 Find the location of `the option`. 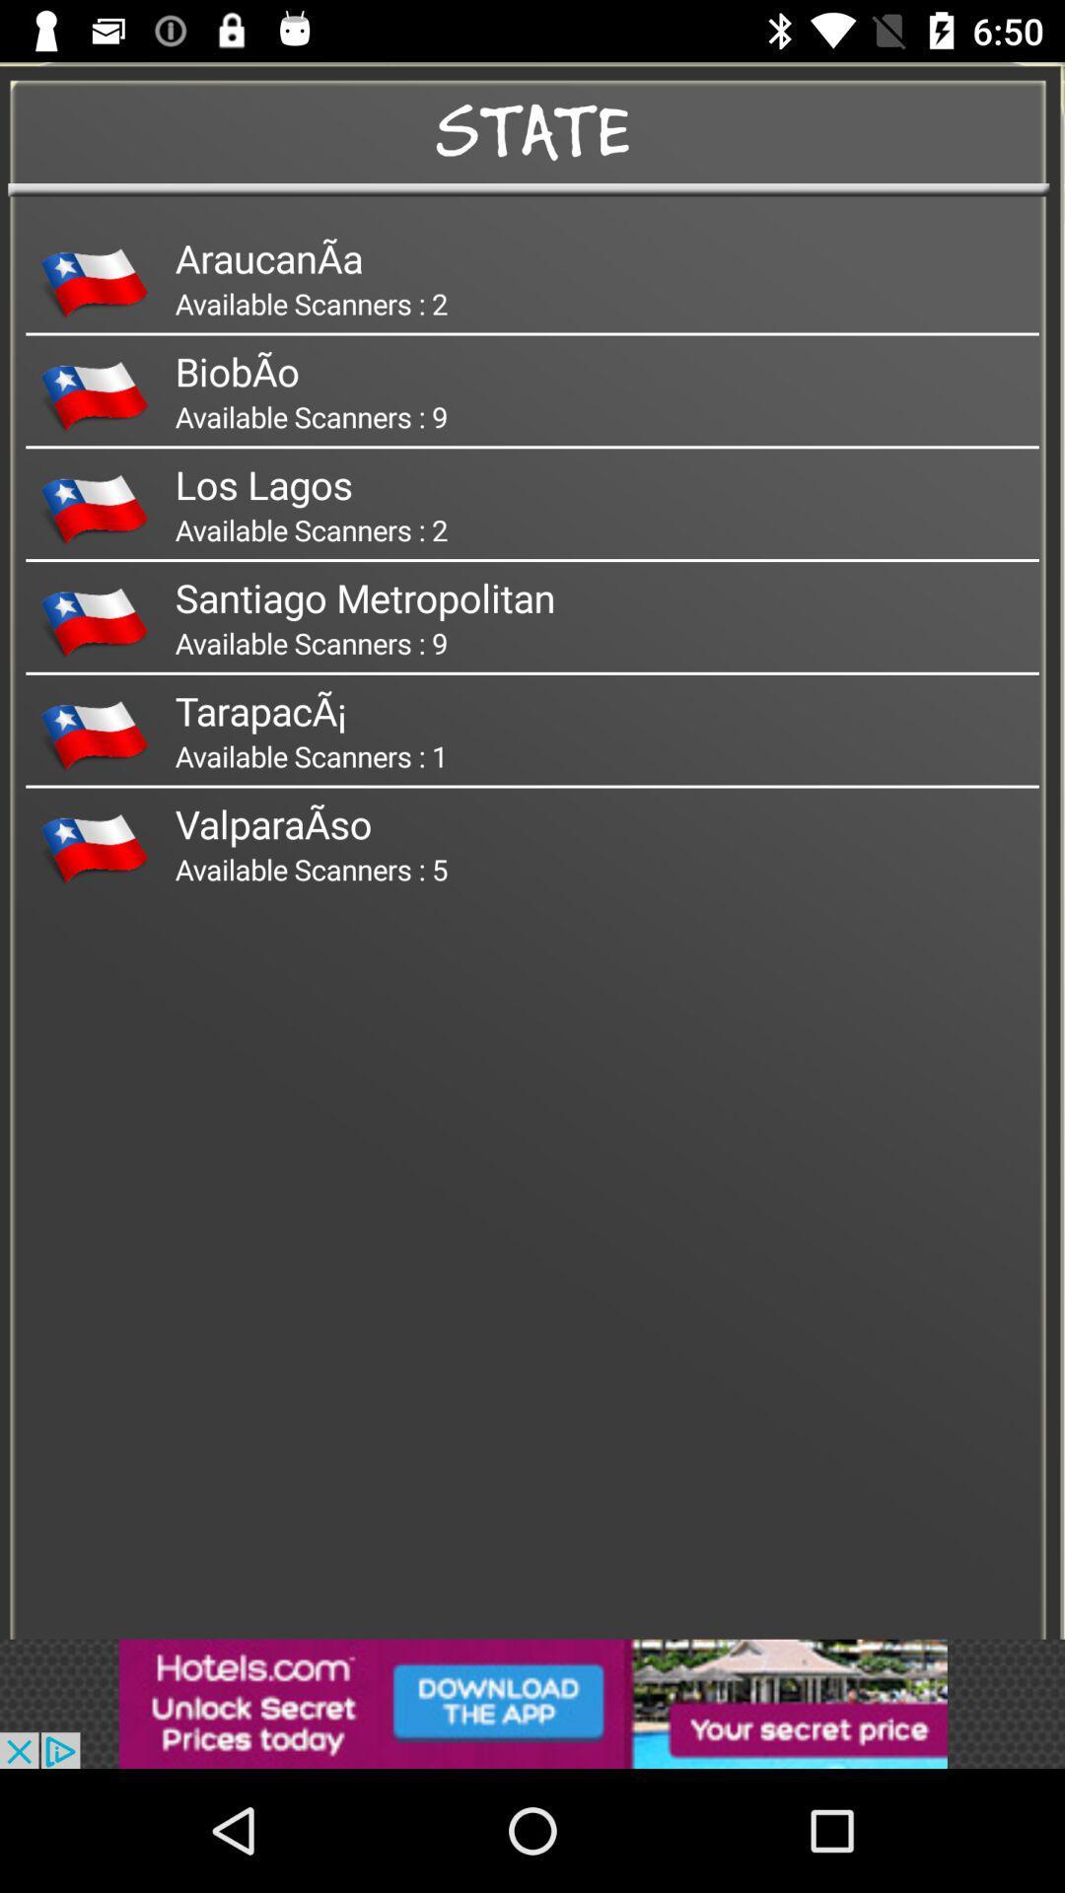

the option is located at coordinates (532, 1703).